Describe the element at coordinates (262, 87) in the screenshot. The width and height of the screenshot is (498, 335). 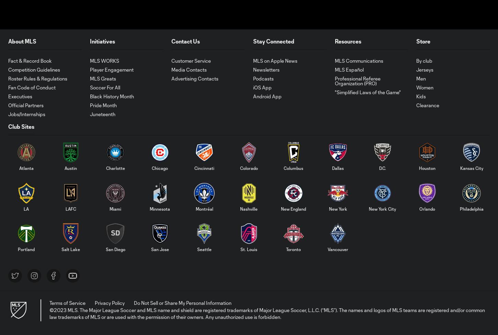
I see `'iOS App'` at that location.